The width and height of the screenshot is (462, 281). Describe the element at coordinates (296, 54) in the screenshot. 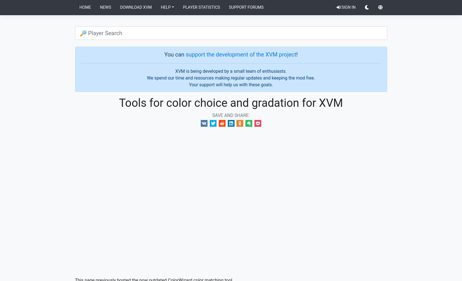

I see `'!'` at that location.